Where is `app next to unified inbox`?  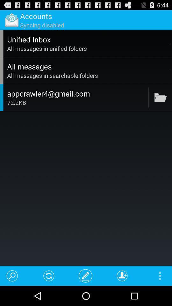 app next to unified inbox is located at coordinates (170, 43).